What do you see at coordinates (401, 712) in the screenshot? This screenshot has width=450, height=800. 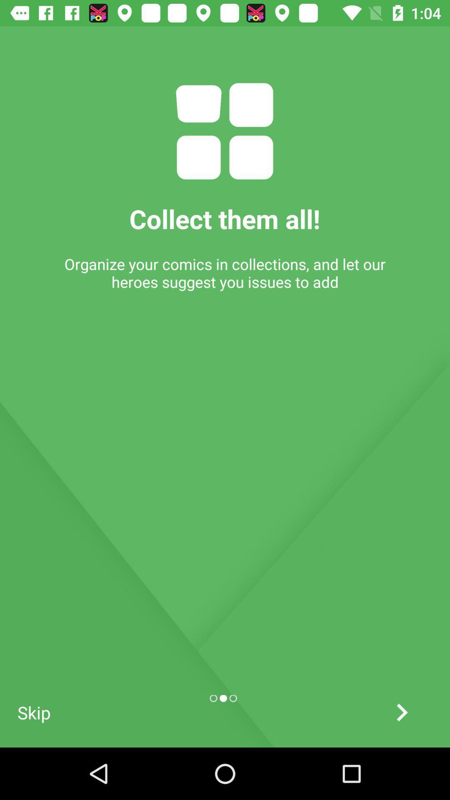 I see `the arrow_forward icon` at bounding box center [401, 712].